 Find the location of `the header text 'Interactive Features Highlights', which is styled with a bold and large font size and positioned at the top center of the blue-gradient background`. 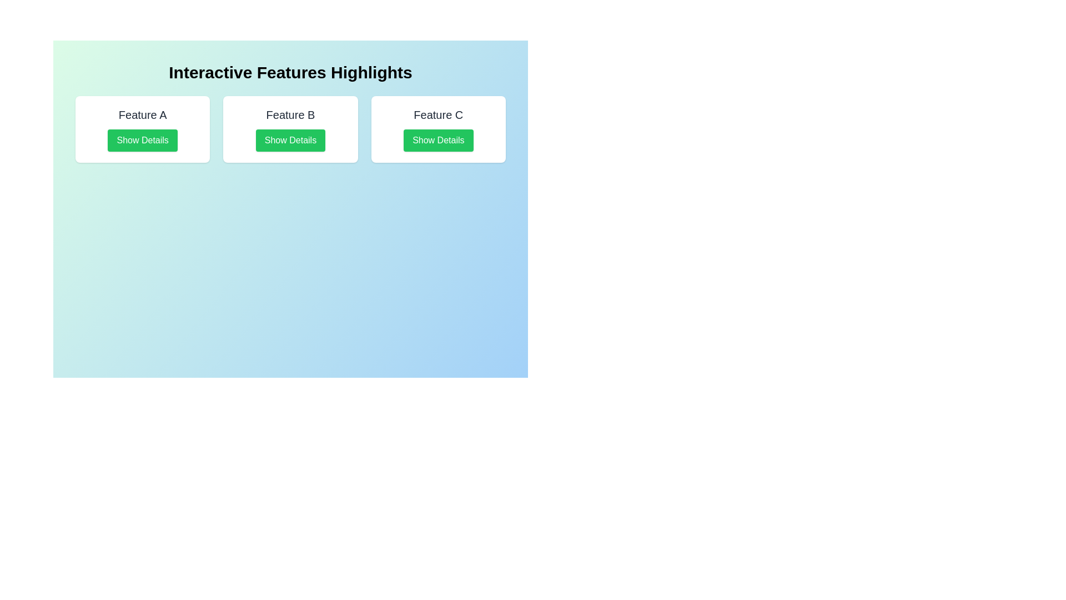

the header text 'Interactive Features Highlights', which is styled with a bold and large font size and positioned at the top center of the blue-gradient background is located at coordinates (290, 73).